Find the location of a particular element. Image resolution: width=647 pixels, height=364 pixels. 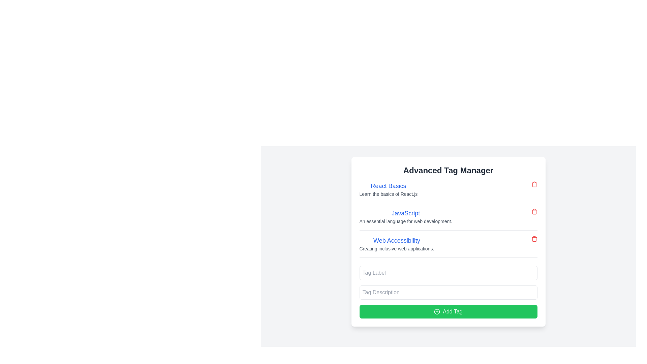

the static text block containing a title and description related to a React learning resource, positioned above 'JavaScript' in the list is located at coordinates (388, 189).